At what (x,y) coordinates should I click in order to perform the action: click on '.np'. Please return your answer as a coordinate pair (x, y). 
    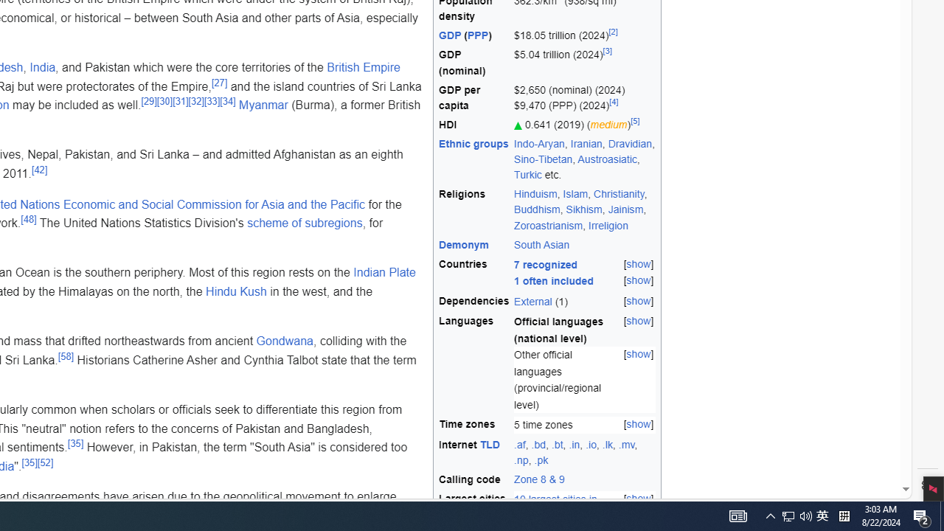
    Looking at the image, I should click on (521, 459).